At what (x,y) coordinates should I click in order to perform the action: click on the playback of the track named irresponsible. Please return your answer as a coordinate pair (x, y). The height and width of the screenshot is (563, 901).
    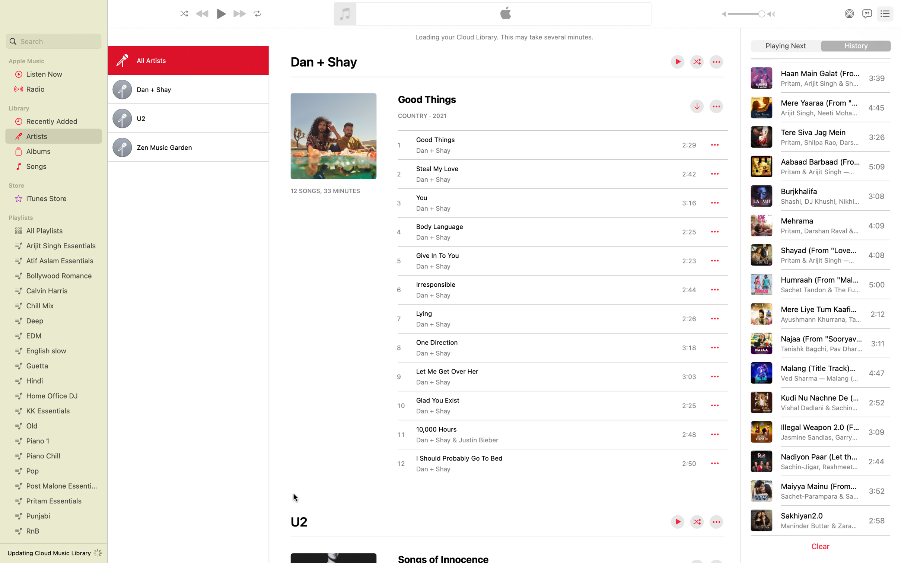
    Looking at the image, I should click on (545, 289).